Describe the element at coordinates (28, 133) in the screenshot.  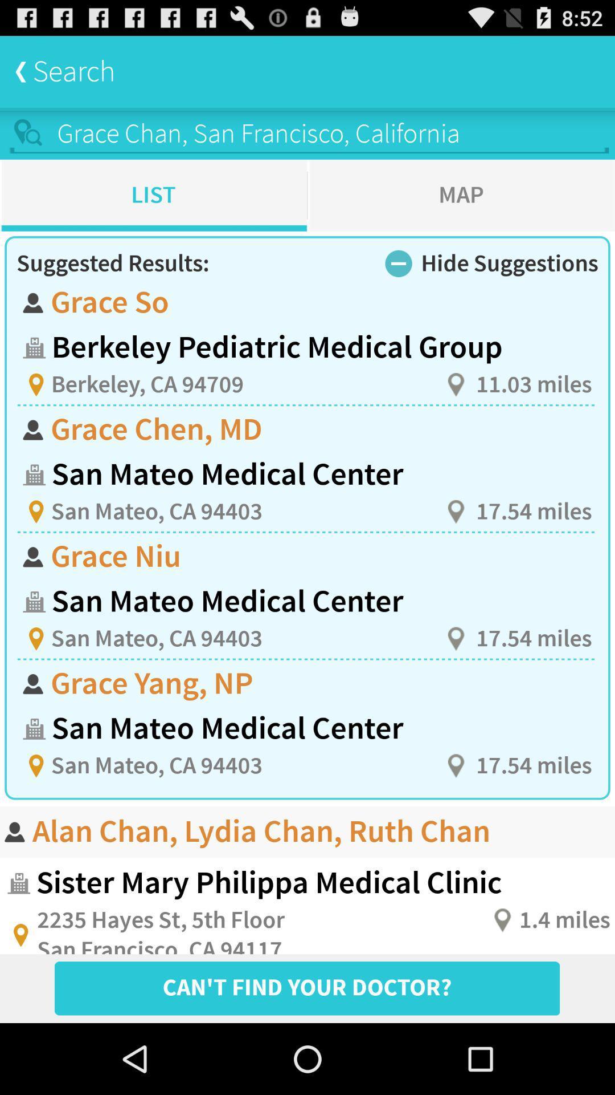
I see `the icon left to grace chan` at that location.